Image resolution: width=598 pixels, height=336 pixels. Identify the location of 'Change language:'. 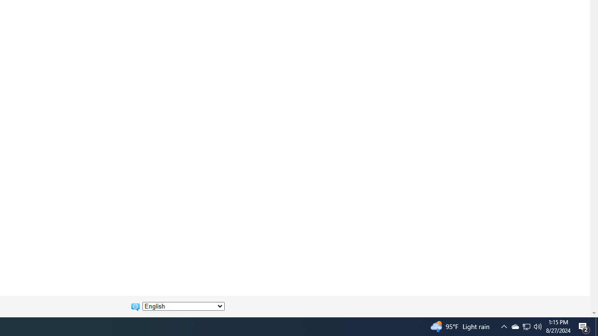
(183, 306).